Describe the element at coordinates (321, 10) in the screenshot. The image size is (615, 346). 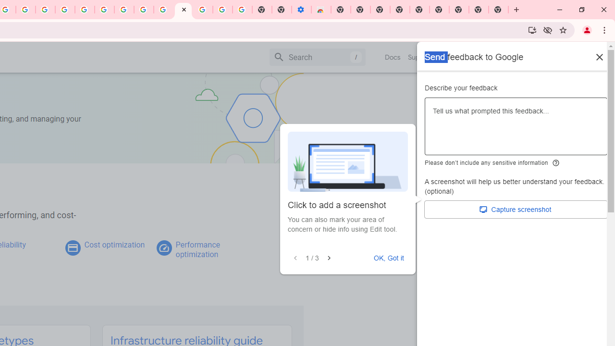
I see `'Chrome Web Store - Accessibility extensions'` at that location.